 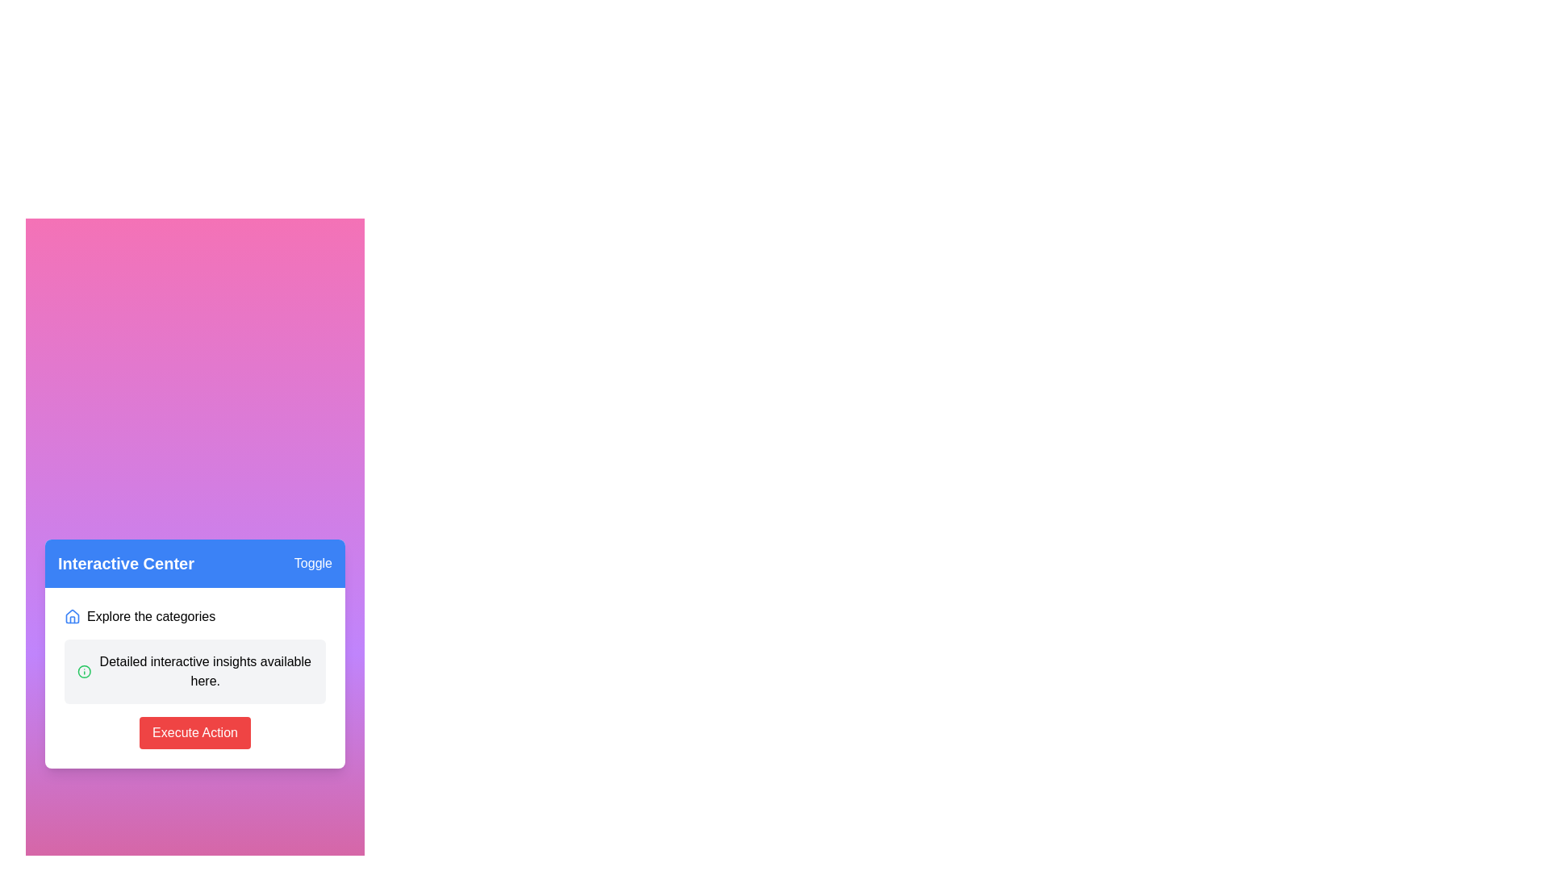 What do you see at coordinates (83, 672) in the screenshot?
I see `the SVG Shape (Circle) which is part of the 'info' icon located to the left of the text 'Detailed interactive insights available here' in the 'Interactive Center' module` at bounding box center [83, 672].